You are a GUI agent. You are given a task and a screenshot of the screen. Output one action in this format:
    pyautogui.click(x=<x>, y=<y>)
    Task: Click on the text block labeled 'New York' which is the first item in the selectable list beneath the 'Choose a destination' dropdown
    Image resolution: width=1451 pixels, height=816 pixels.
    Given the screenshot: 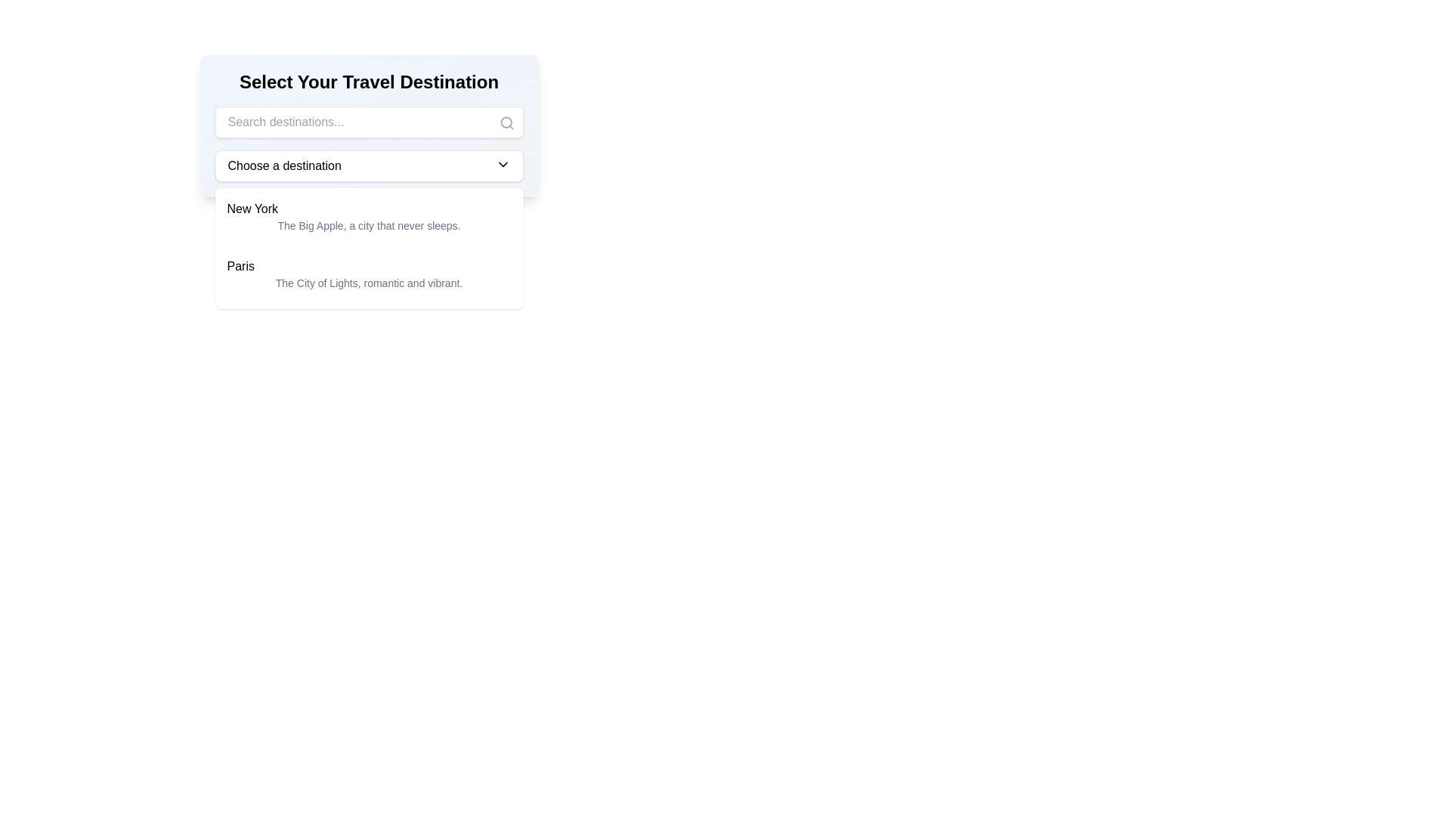 What is the action you would take?
    pyautogui.click(x=369, y=216)
    